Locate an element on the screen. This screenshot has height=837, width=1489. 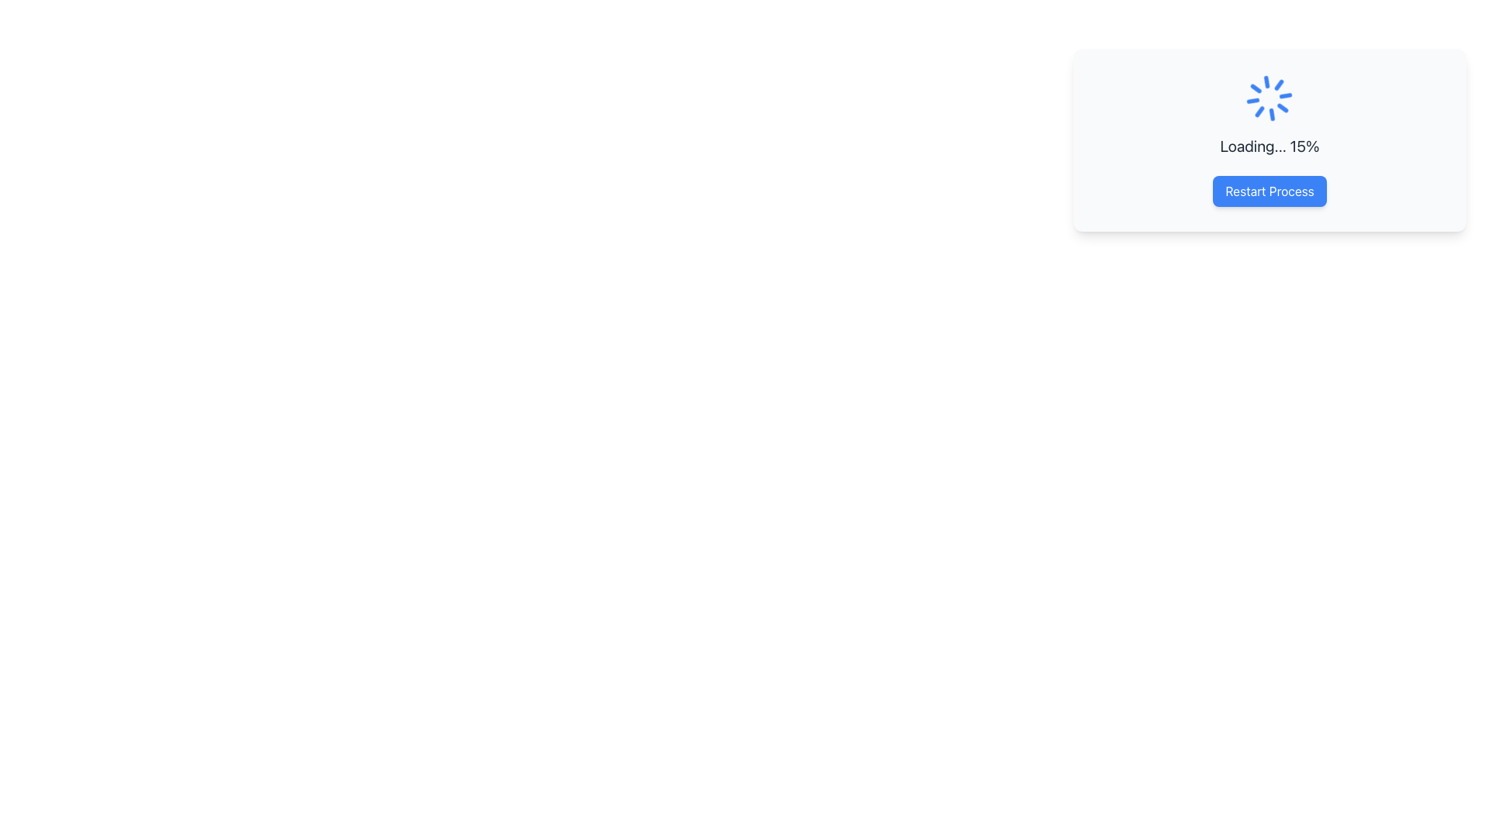
the topmost vertical line segment of the animated SVG loader graphic located in the upper-middle portion of a card is located at coordinates (1275, 113).